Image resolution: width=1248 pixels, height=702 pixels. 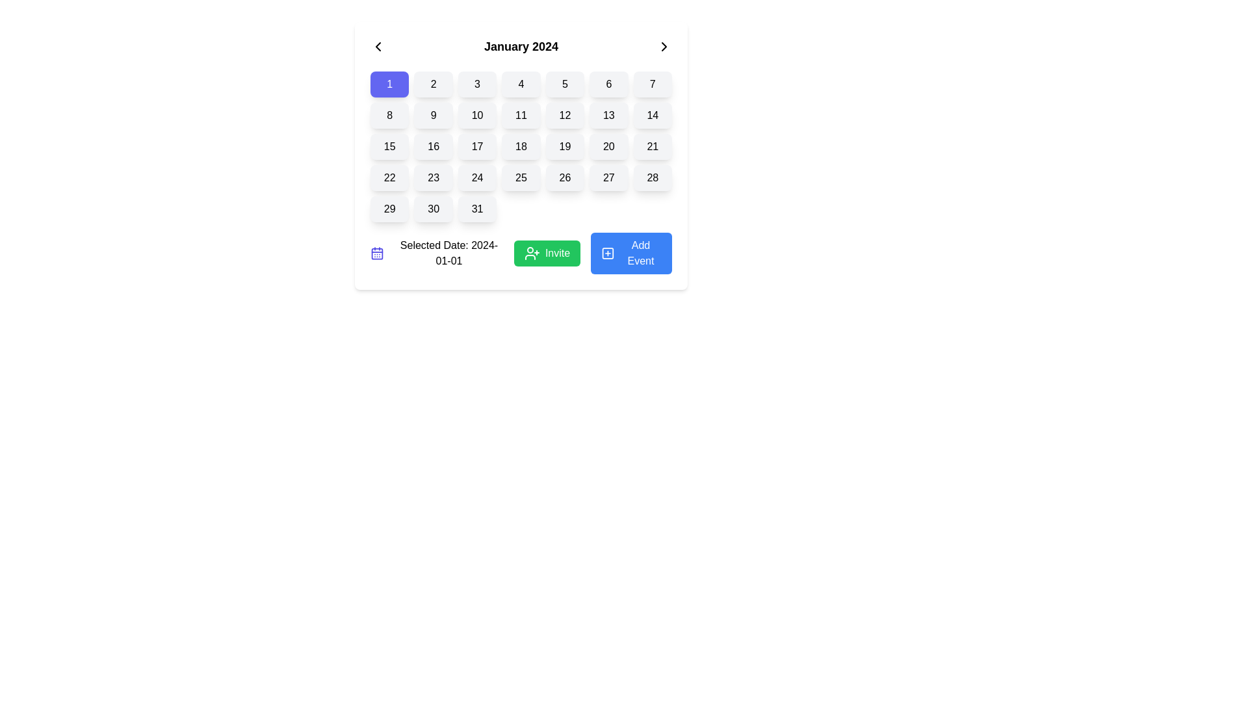 I want to click on the Interactive calendar day button displaying the number '8', which is a small square-shaped button with a light gray background and rounded corners, to change its background color, so click(x=389, y=114).